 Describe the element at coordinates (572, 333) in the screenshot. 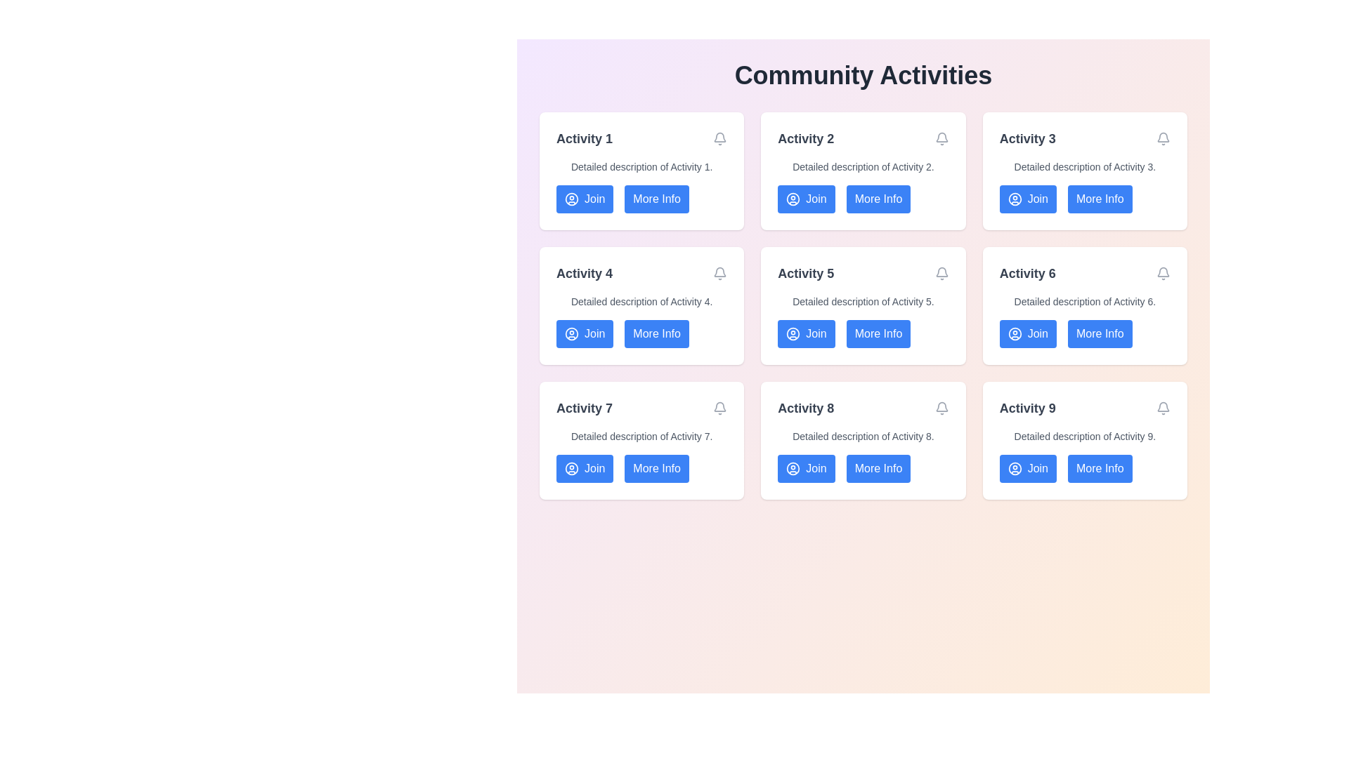

I see `the graphic icon representing the 'Join' action, which is located inside the 'Join' button of the 'Activity 4' card in the grid layout` at that location.